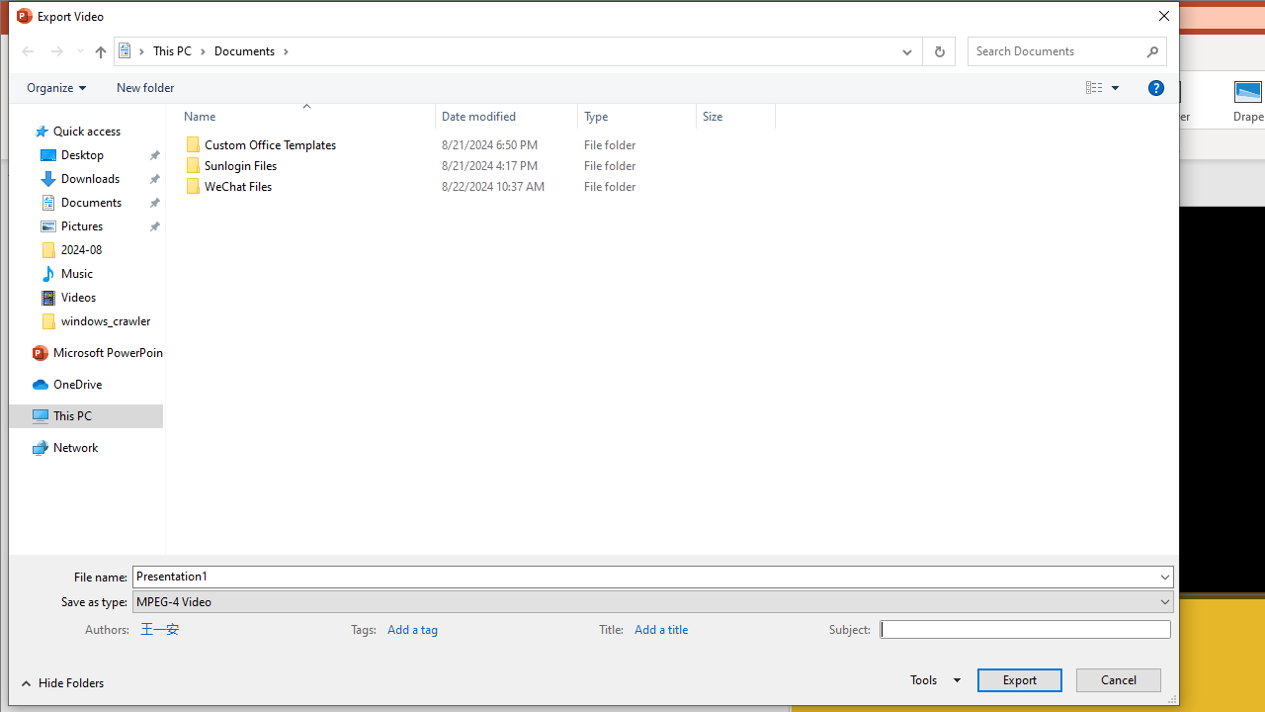 The image size is (1265, 712). Describe the element at coordinates (55, 87) in the screenshot. I see `'Organize'` at that location.